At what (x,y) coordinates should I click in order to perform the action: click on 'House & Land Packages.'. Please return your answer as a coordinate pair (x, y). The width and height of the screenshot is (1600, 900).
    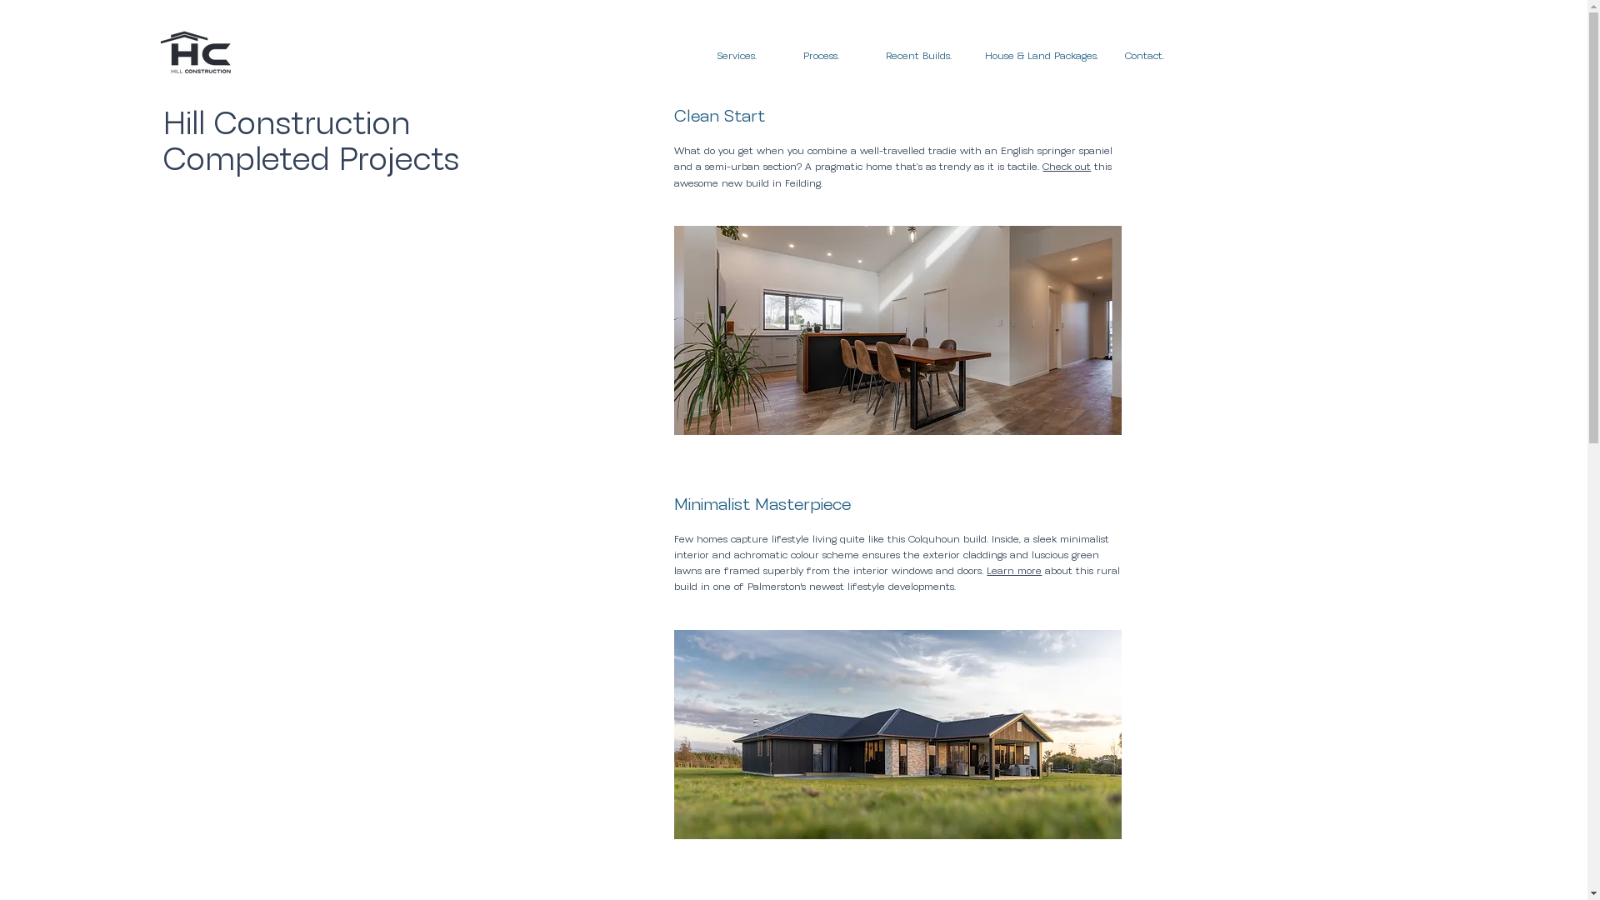
    Looking at the image, I should click on (1040, 56).